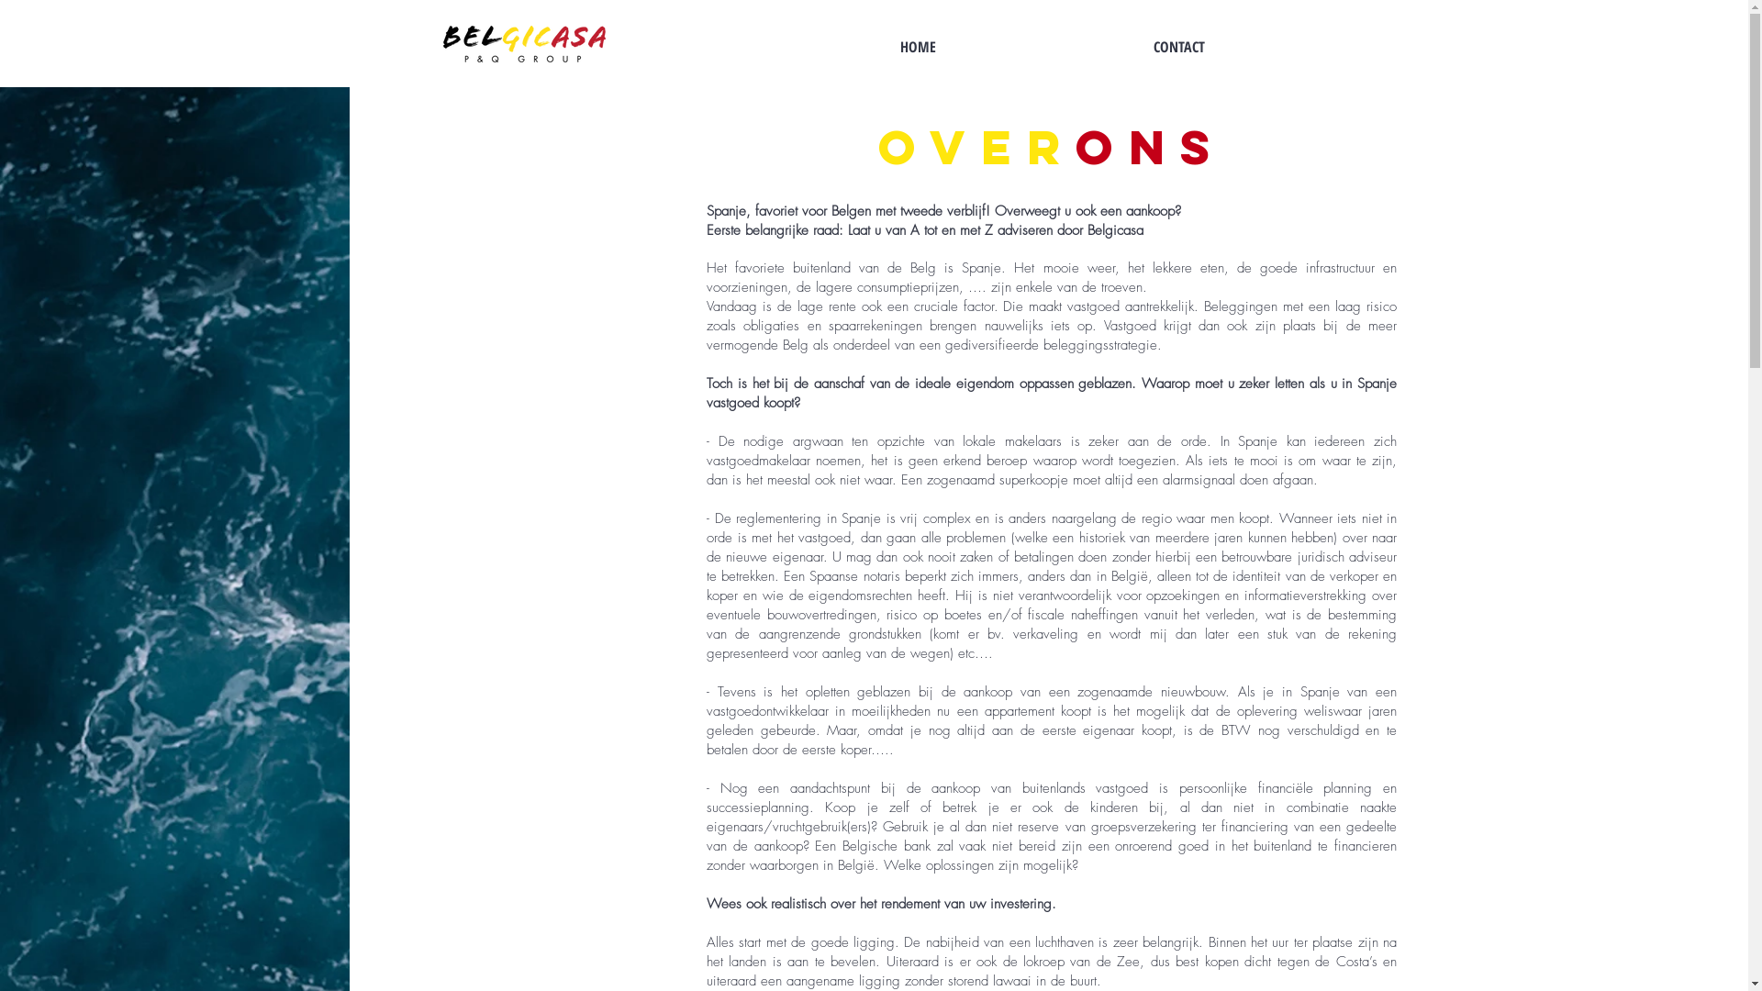 The width and height of the screenshot is (1762, 991). I want to click on 'HOME', so click(917, 45).